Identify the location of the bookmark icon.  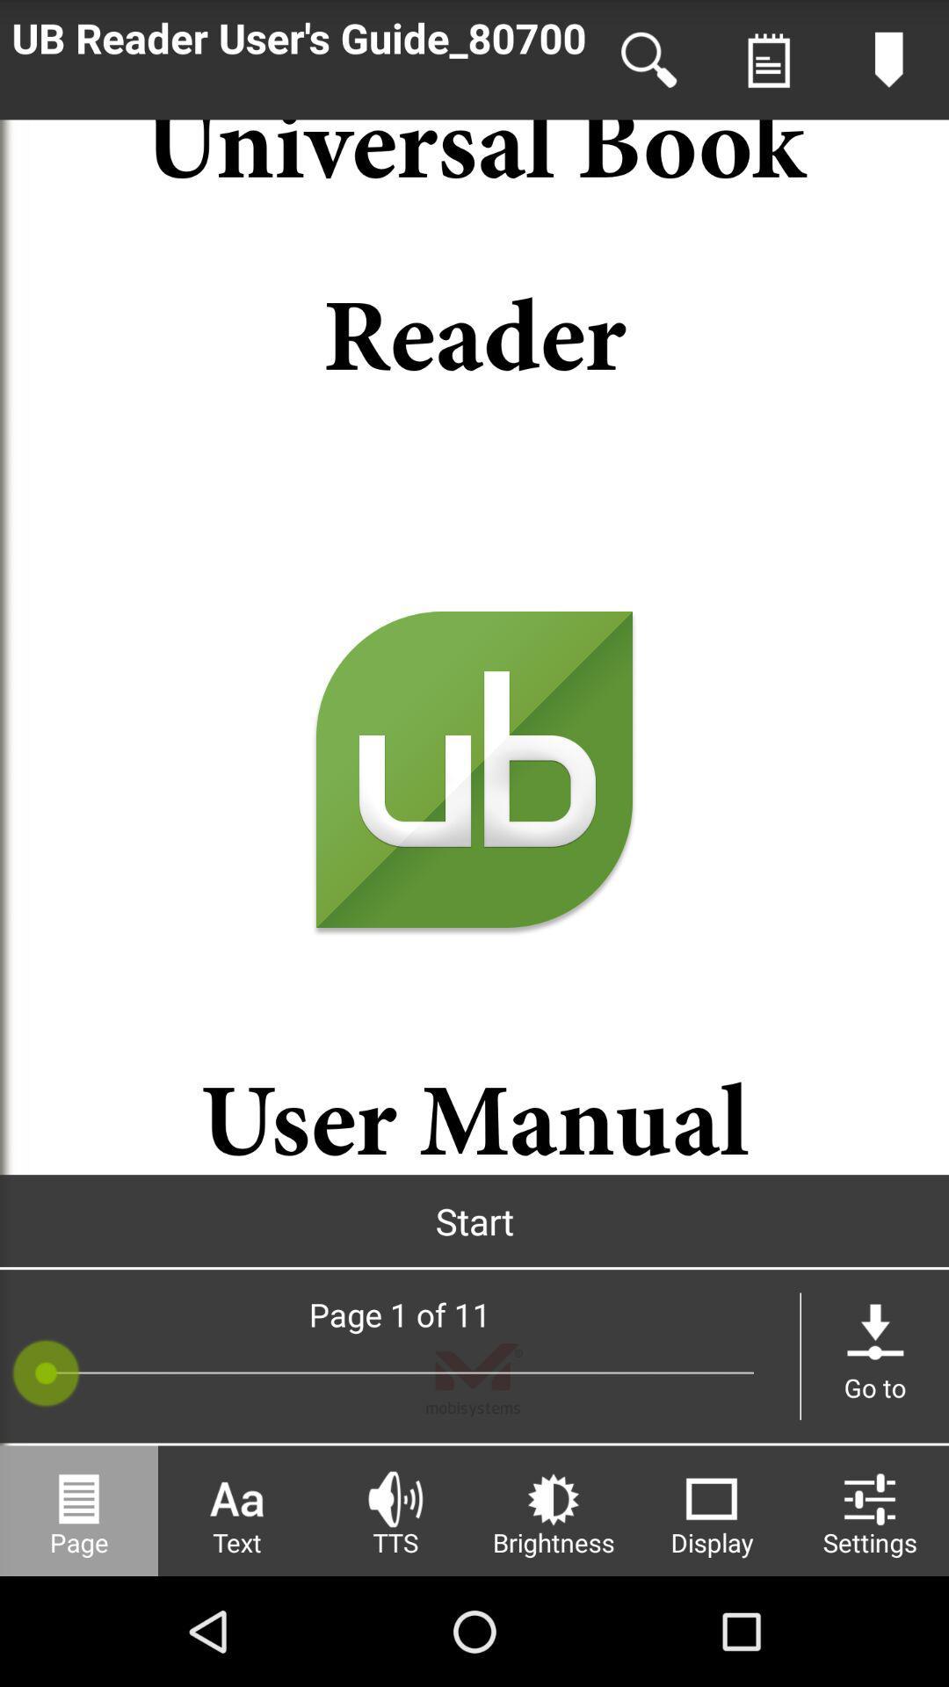
(888, 63).